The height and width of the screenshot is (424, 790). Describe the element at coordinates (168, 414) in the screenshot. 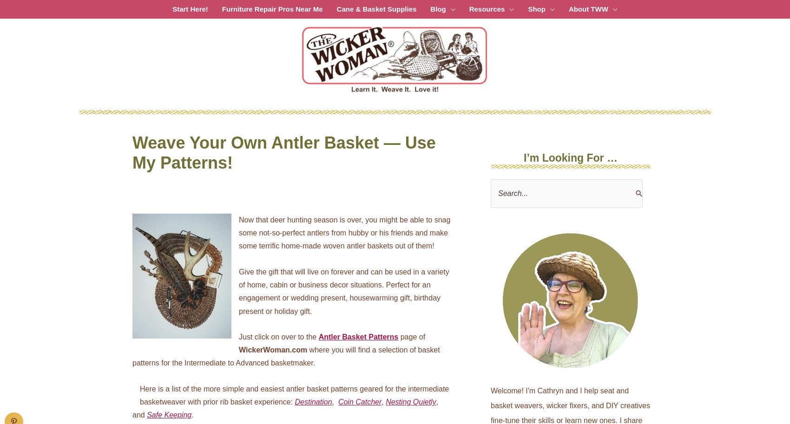

I see `'Safe Keeping'` at that location.